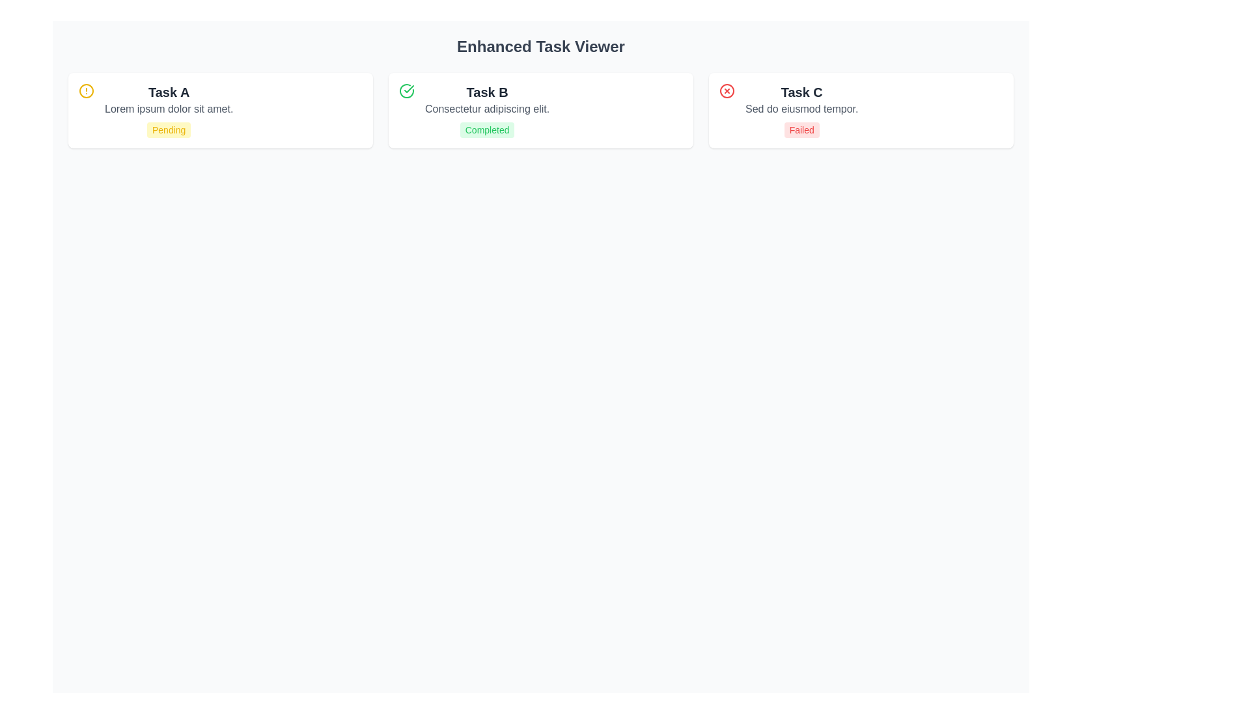  I want to click on the Status badge labeled 'Pending' with a yellow background located at the bottom-right of the 'Task A' box, so click(168, 130).